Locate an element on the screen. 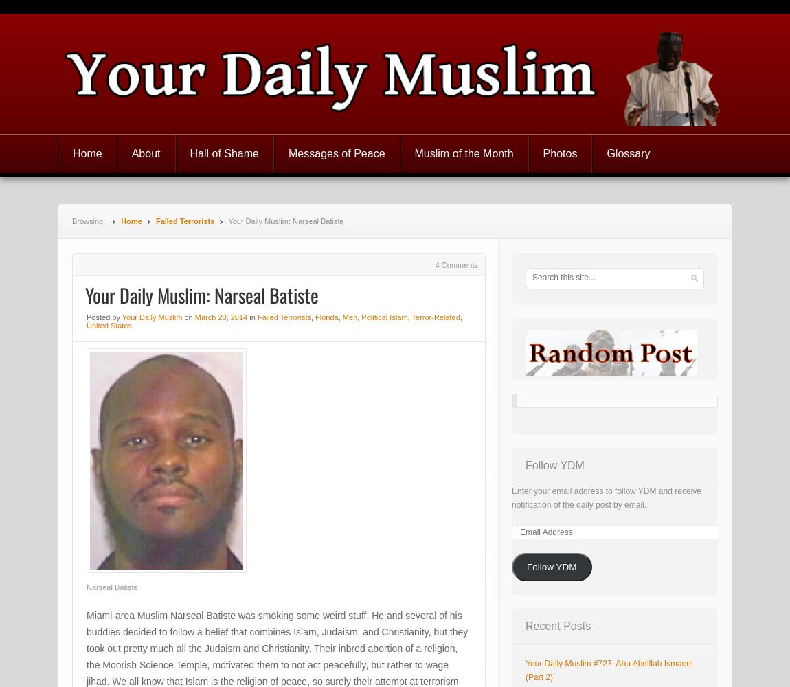  'by' is located at coordinates (115, 317).